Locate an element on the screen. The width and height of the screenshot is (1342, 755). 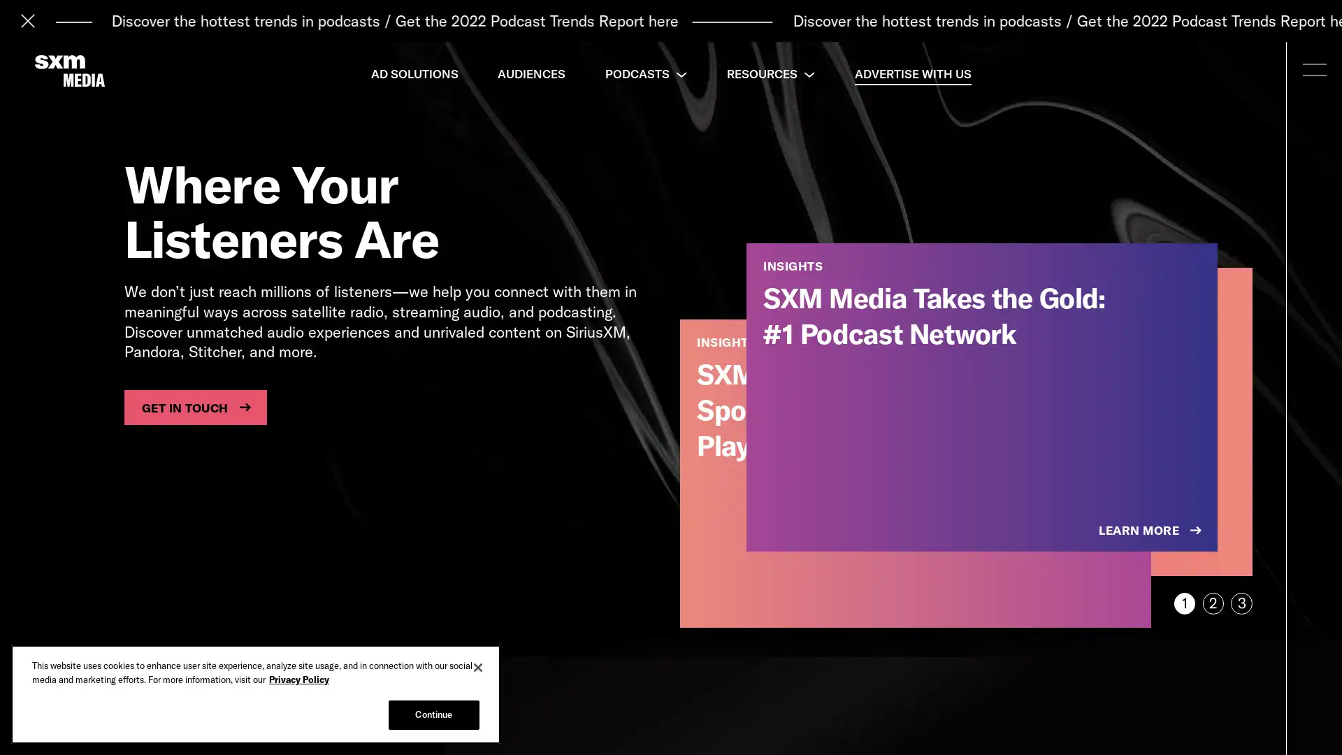
3 is located at coordinates (1241, 603).